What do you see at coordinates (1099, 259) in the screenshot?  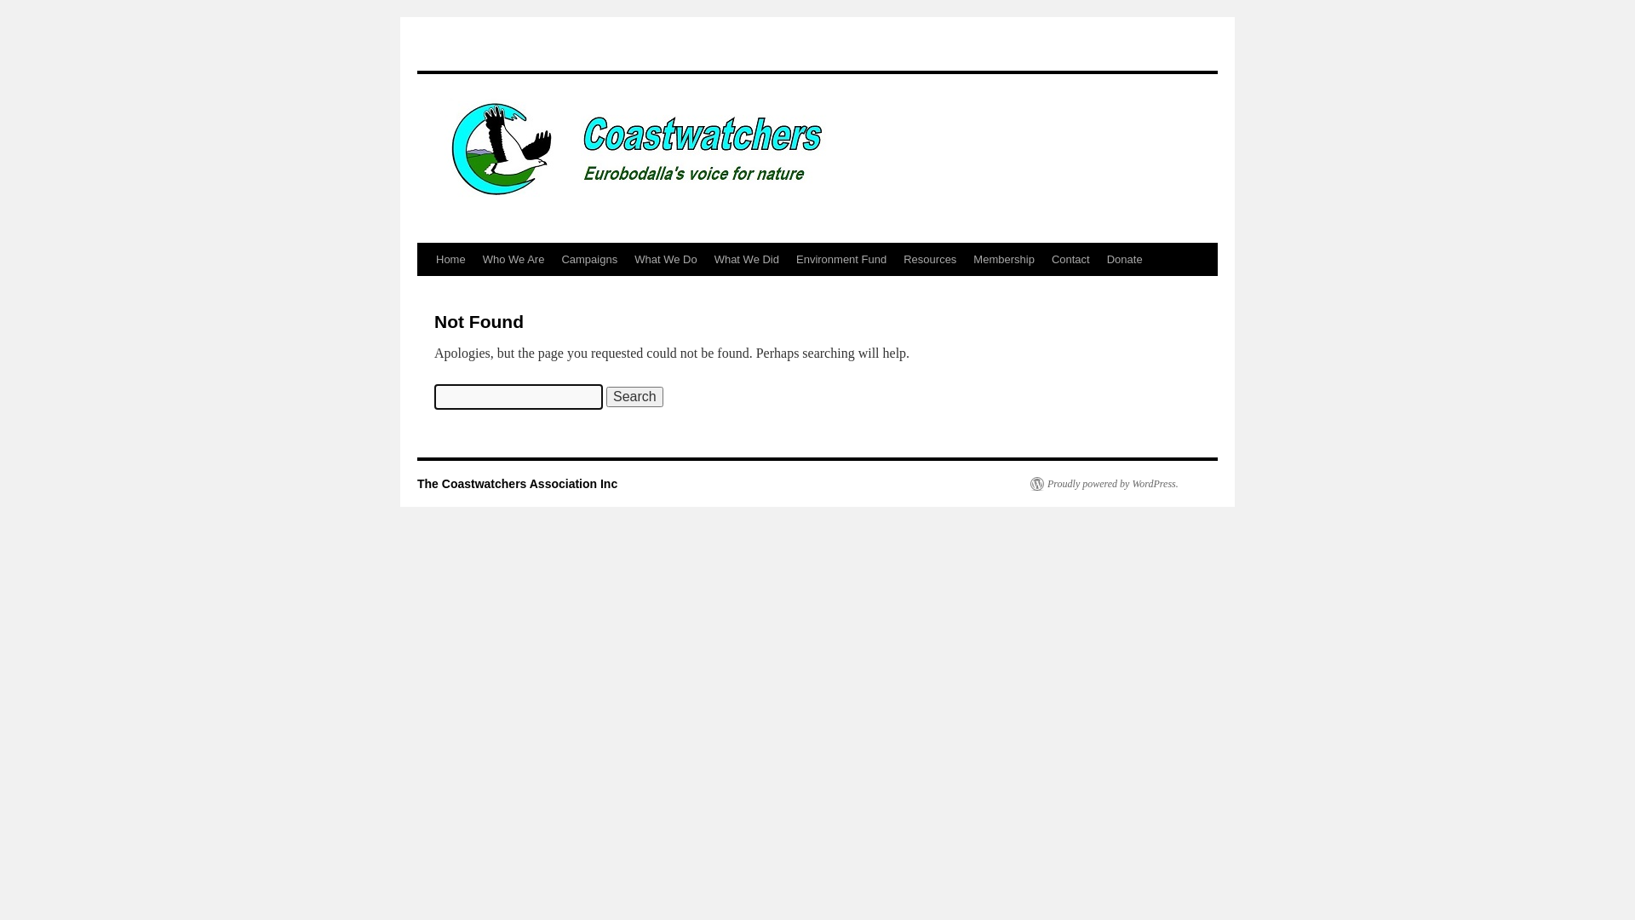 I see `'Donate'` at bounding box center [1099, 259].